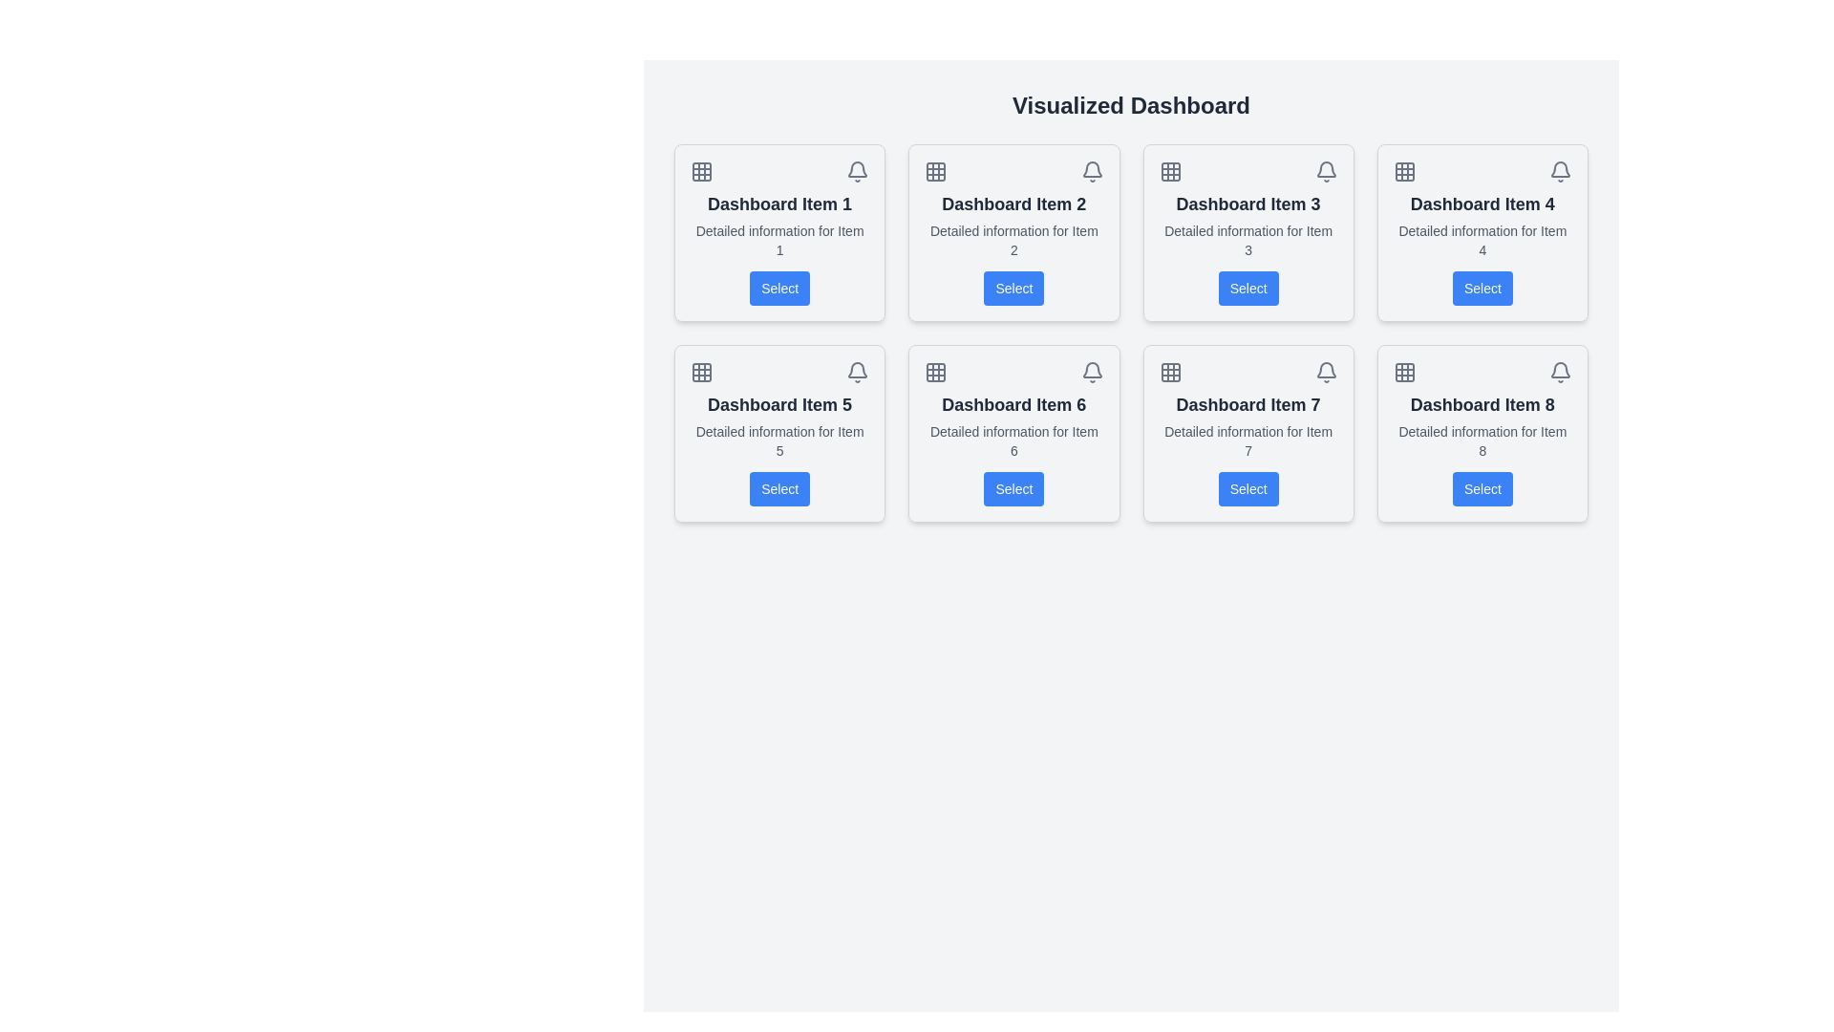 Image resolution: width=1834 pixels, height=1032 pixels. What do you see at coordinates (1482, 488) in the screenshot?
I see `the button located at the bottom right corner of the card labeled 'Dashboard Item 8'` at bounding box center [1482, 488].